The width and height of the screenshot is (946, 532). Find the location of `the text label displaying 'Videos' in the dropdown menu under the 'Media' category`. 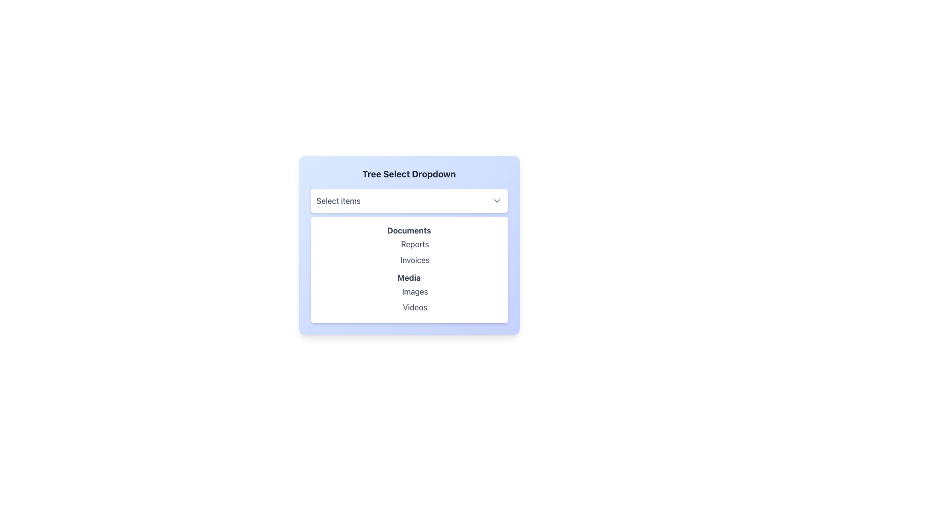

the text label displaying 'Videos' in the dropdown menu under the 'Media' category is located at coordinates (413, 307).